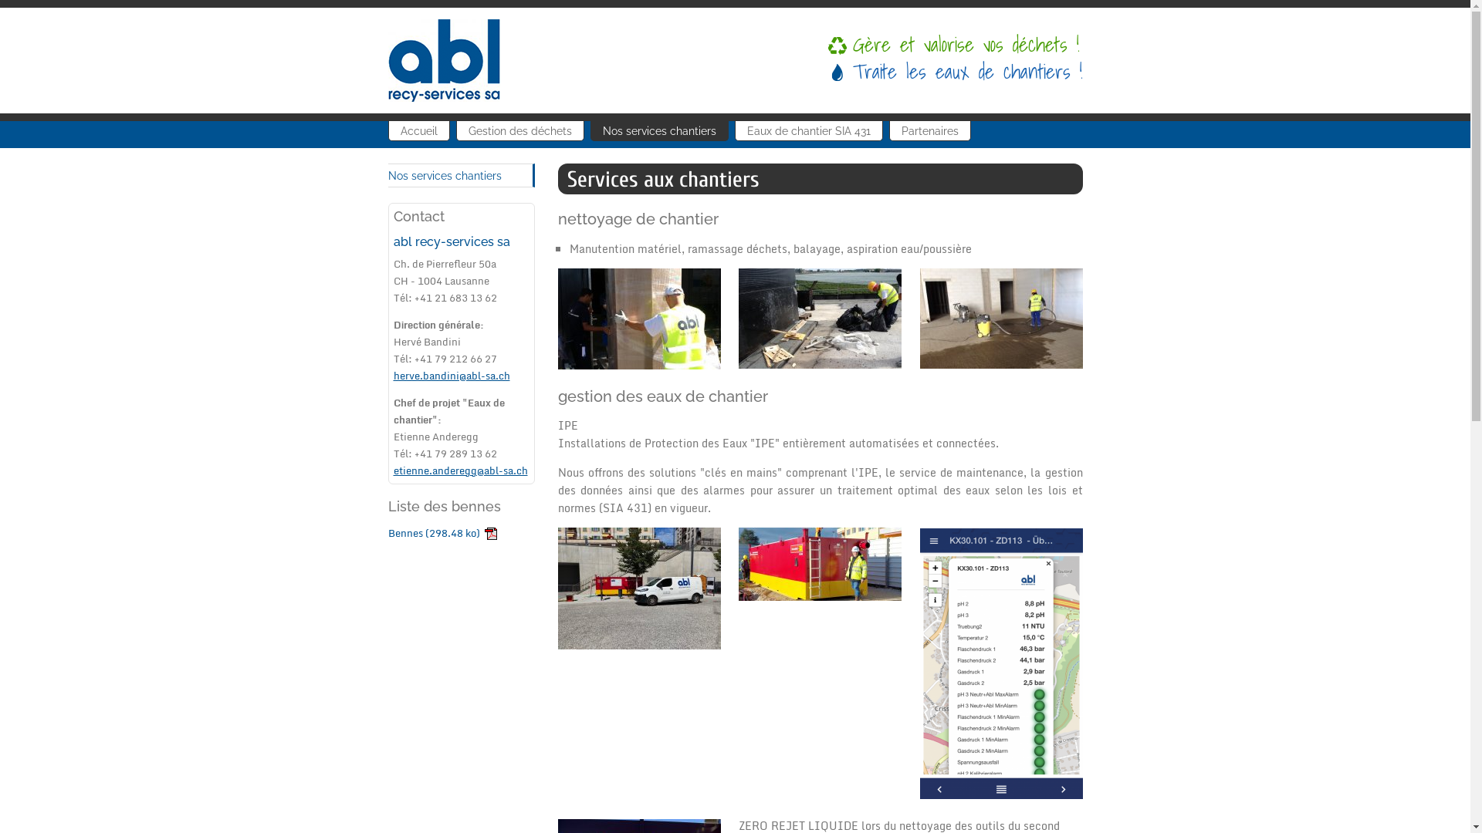  What do you see at coordinates (459, 174) in the screenshot?
I see `'Nos services chantiers'` at bounding box center [459, 174].